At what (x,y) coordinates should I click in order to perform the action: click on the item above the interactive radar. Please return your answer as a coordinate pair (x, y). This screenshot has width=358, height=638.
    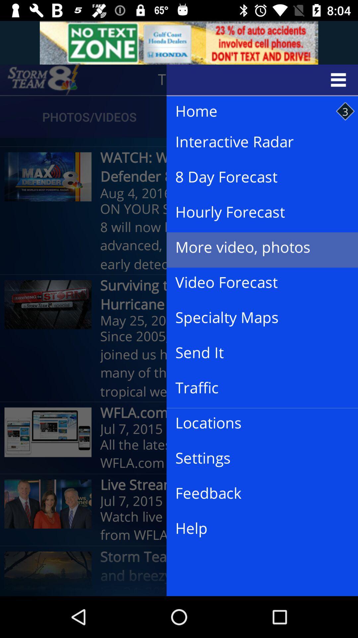
    Looking at the image, I should click on (255, 111).